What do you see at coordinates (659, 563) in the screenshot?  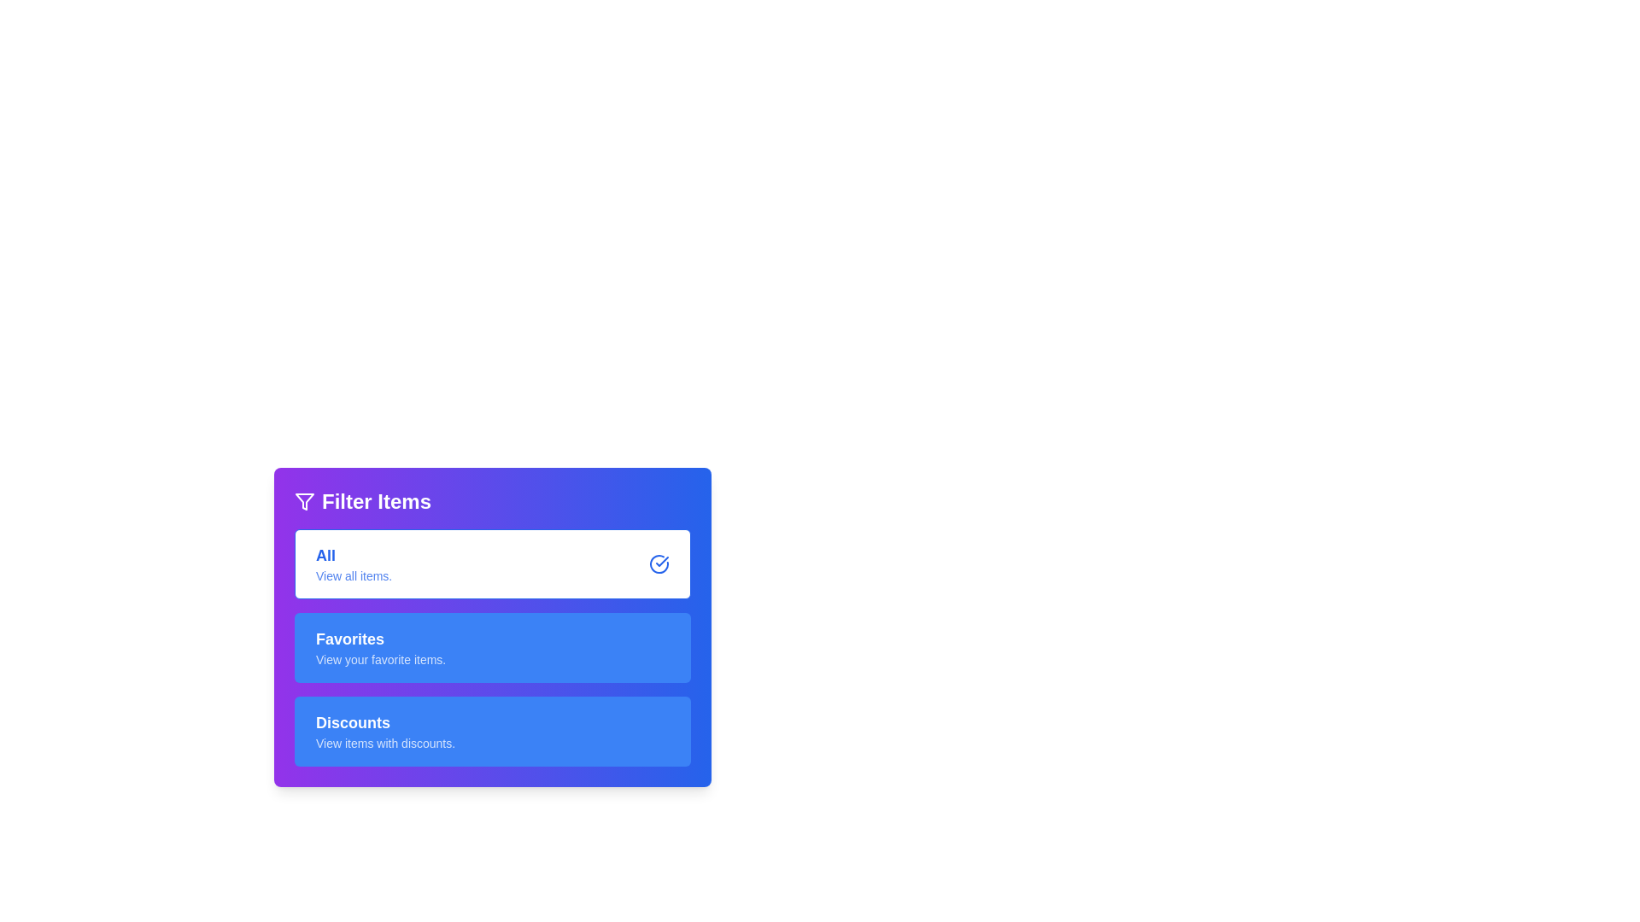 I see `the circular graphic icon with a blue outline and checkmark, located to the far right of the 'All' section within the interactive card labeled 'All View all items.'` at bounding box center [659, 563].